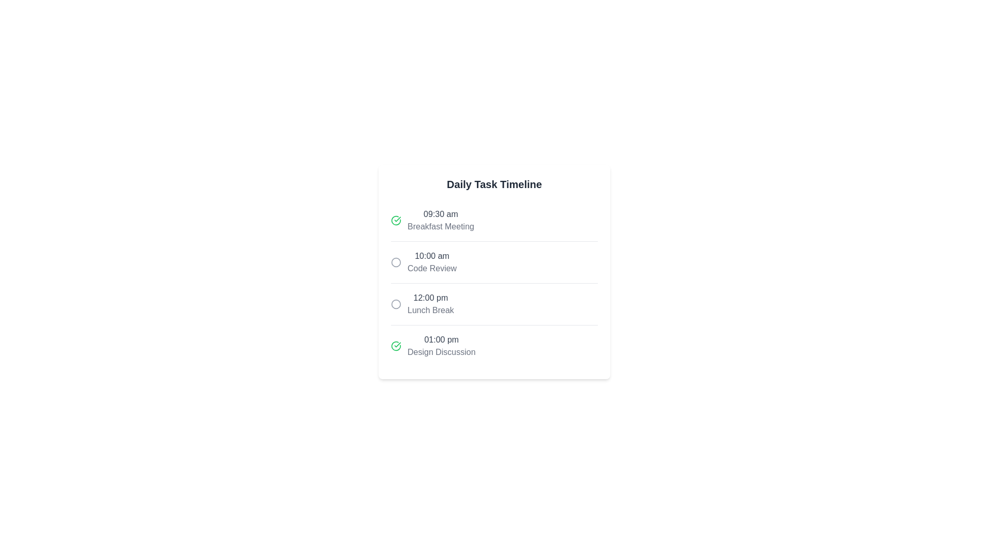  What do you see at coordinates (493, 346) in the screenshot?
I see `the fourth scheduled task or event` at bounding box center [493, 346].